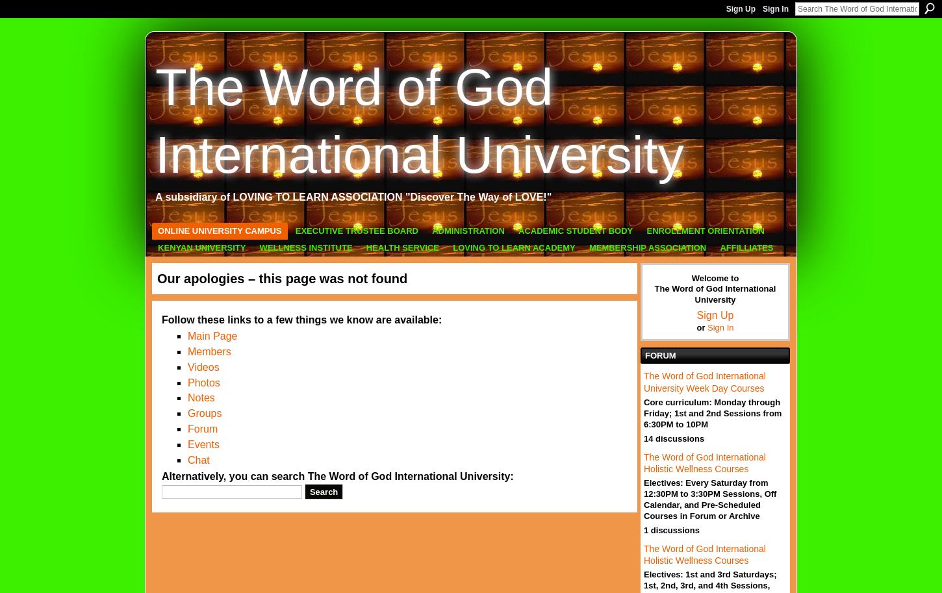  What do you see at coordinates (356, 230) in the screenshot?
I see `'Executive Trustee Board'` at bounding box center [356, 230].